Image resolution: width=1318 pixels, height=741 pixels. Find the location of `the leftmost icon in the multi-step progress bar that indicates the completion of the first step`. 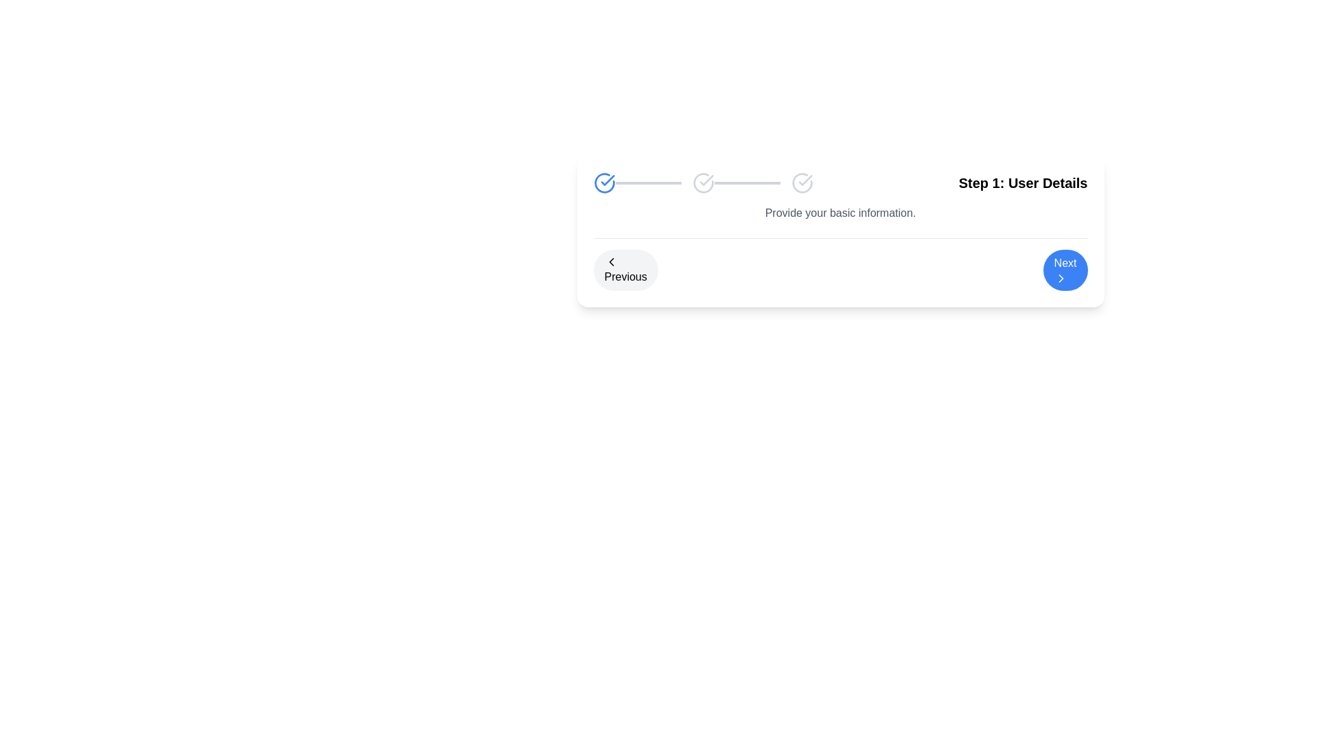

the leftmost icon in the multi-step progress bar that indicates the completion of the first step is located at coordinates (604, 182).